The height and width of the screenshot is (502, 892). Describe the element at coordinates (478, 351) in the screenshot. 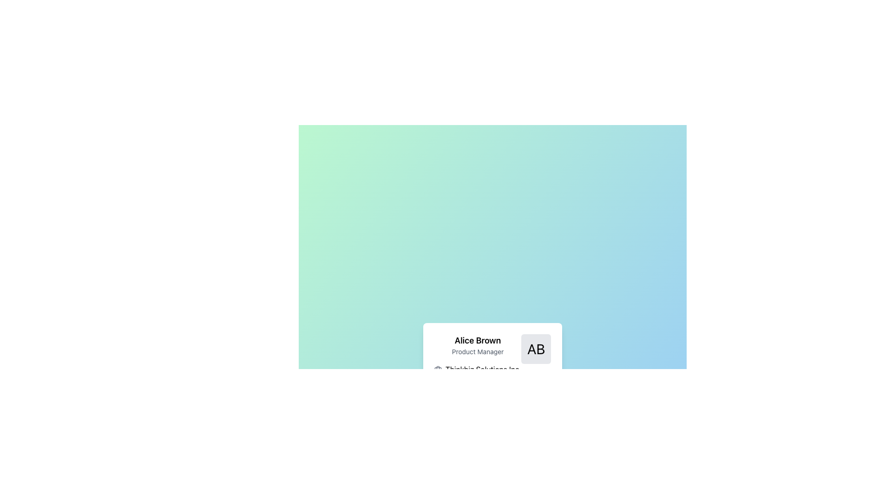

I see `the text label displaying 'Product Manager' in light gray, which is located beneath 'Alice Brown' and above other contextual information` at that location.